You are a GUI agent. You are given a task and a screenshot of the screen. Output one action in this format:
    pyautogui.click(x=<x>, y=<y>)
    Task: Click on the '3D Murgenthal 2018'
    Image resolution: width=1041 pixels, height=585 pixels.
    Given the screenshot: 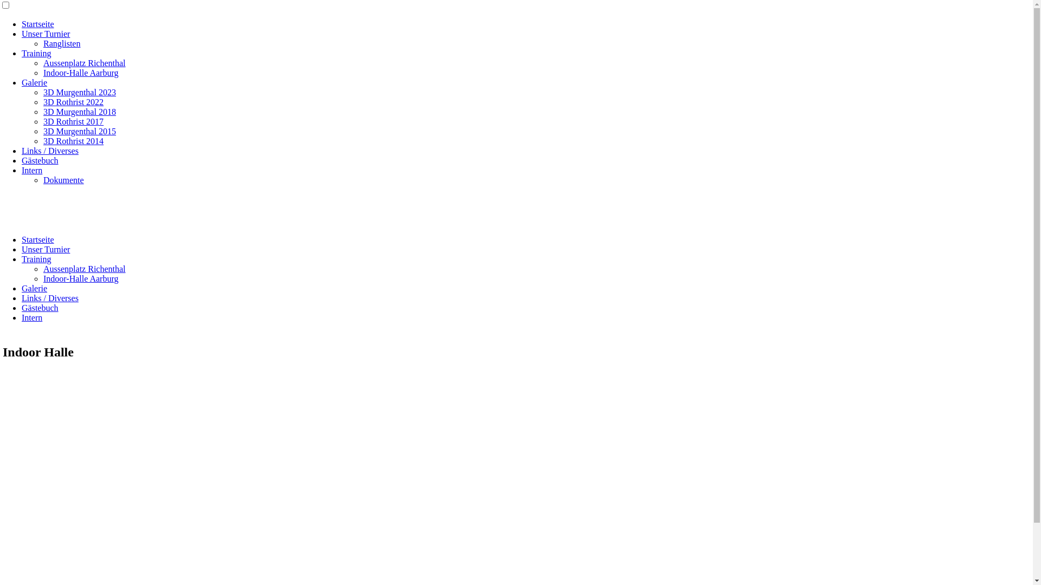 What is the action you would take?
    pyautogui.click(x=79, y=112)
    